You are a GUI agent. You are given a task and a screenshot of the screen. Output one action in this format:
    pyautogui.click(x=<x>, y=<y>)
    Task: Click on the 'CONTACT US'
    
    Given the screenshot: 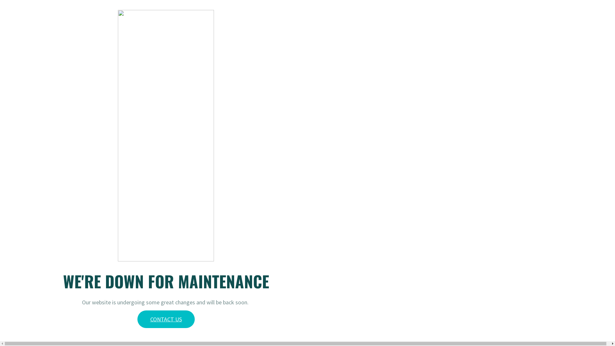 What is the action you would take?
    pyautogui.click(x=166, y=319)
    